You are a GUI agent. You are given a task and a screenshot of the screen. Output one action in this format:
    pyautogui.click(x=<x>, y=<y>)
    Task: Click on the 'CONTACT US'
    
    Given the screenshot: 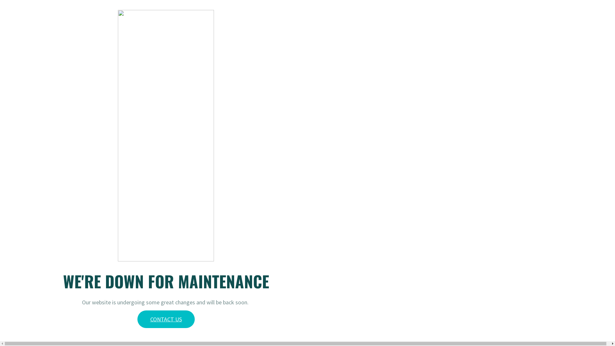 What is the action you would take?
    pyautogui.click(x=166, y=319)
    